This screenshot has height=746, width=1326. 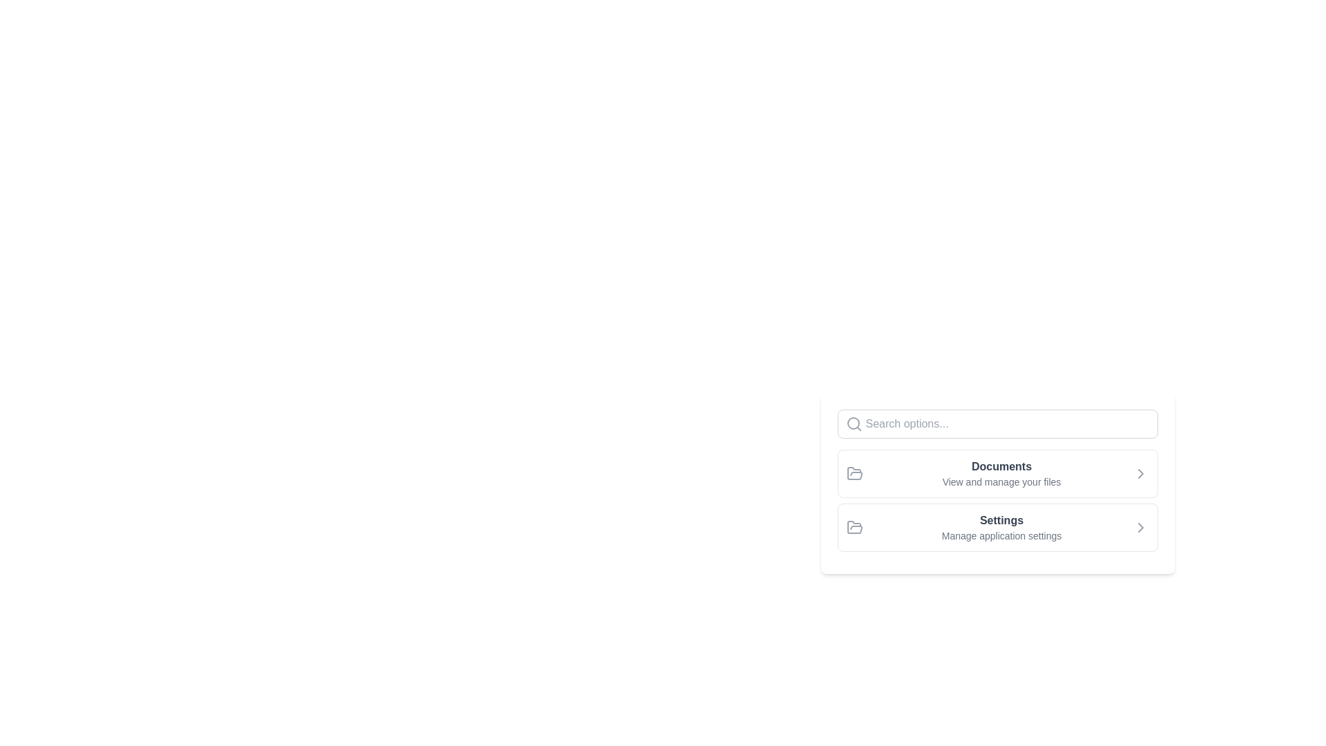 I want to click on the static text label displaying the phrase 'Manage application settings', which is located beneath the bold title 'Settings', so click(x=1001, y=535).